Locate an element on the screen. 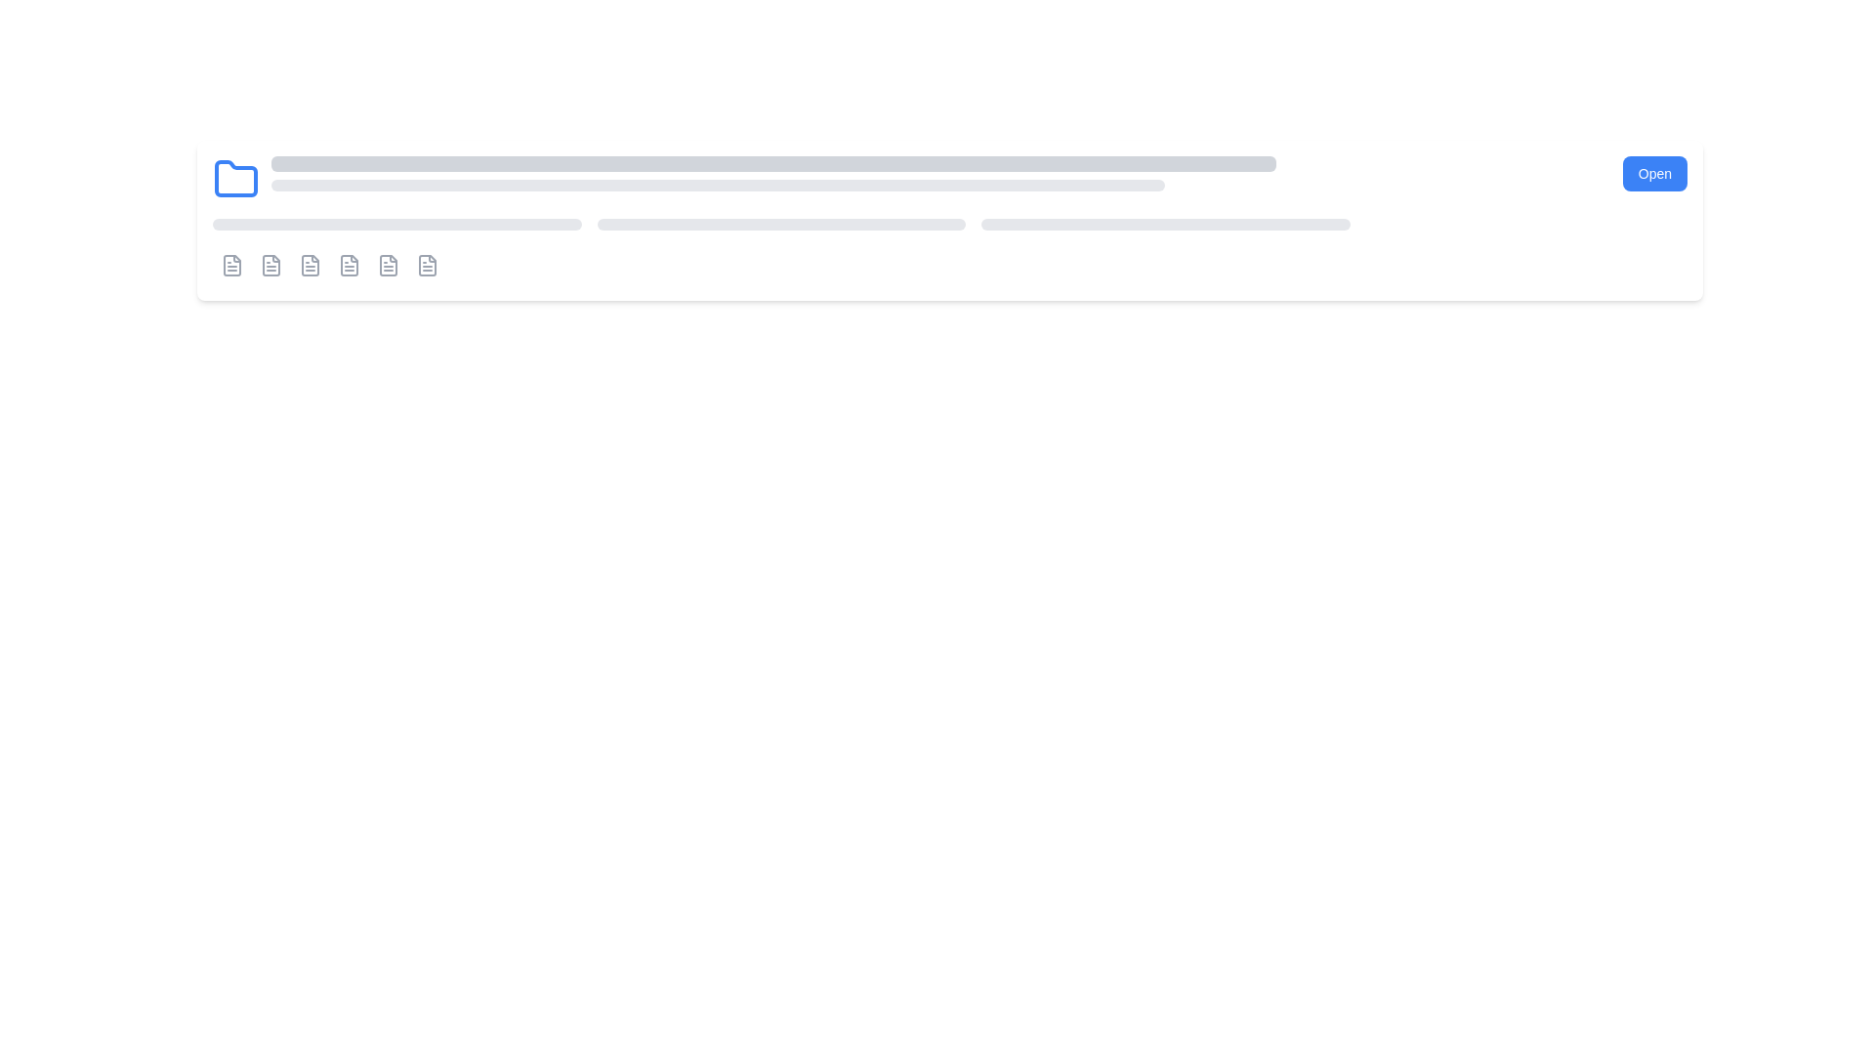 Image resolution: width=1875 pixels, height=1055 pixels. the third rectangular visual indicator with a gray background and rounded corners, located in the center-right of the interface is located at coordinates (1165, 224).